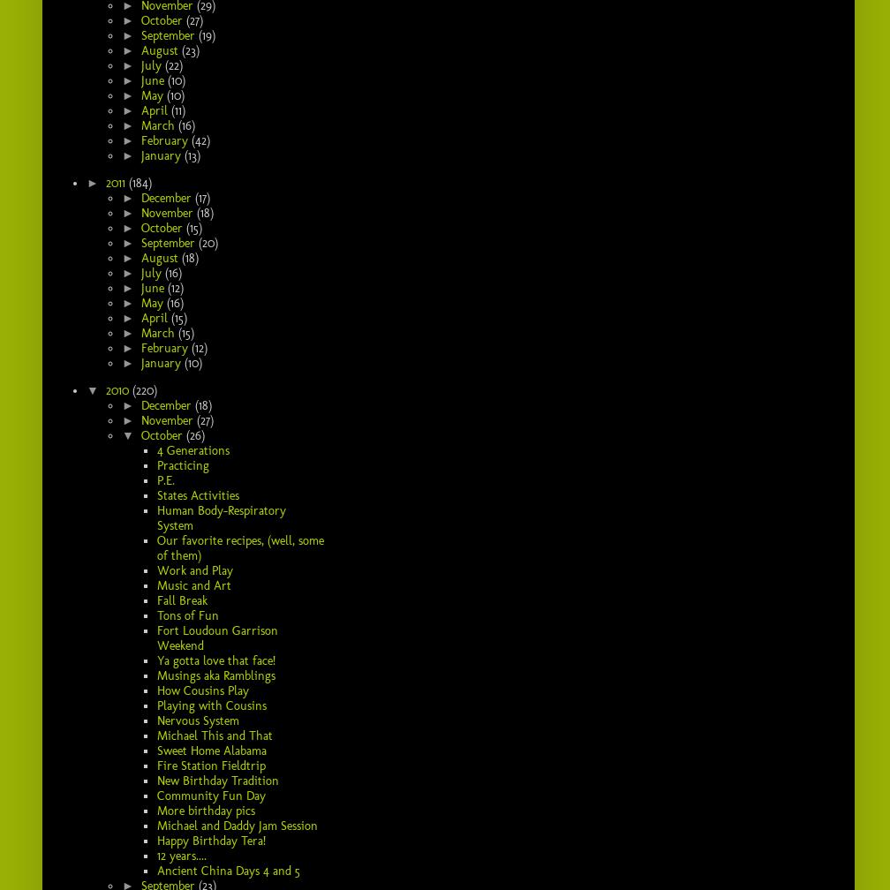 Image resolution: width=890 pixels, height=890 pixels. Describe the element at coordinates (194, 569) in the screenshot. I see `'Work and Play'` at that location.